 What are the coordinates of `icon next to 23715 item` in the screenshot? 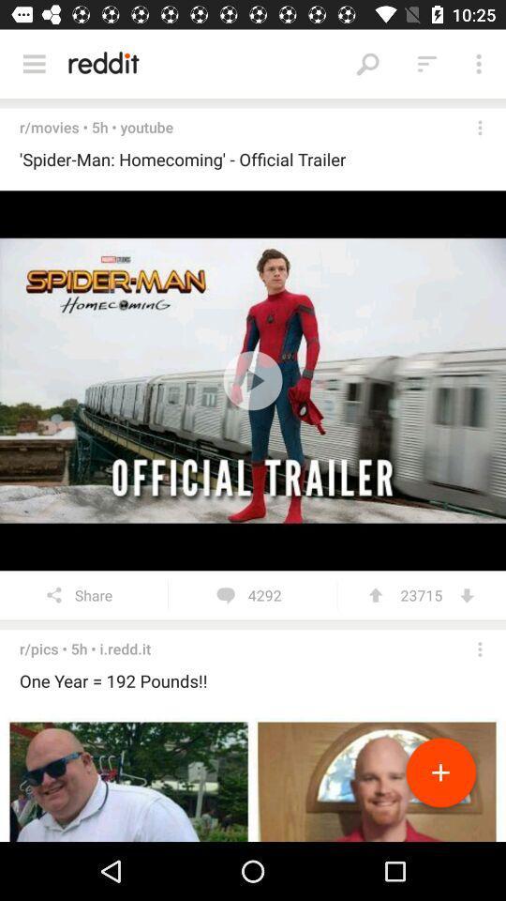 It's located at (466, 594).